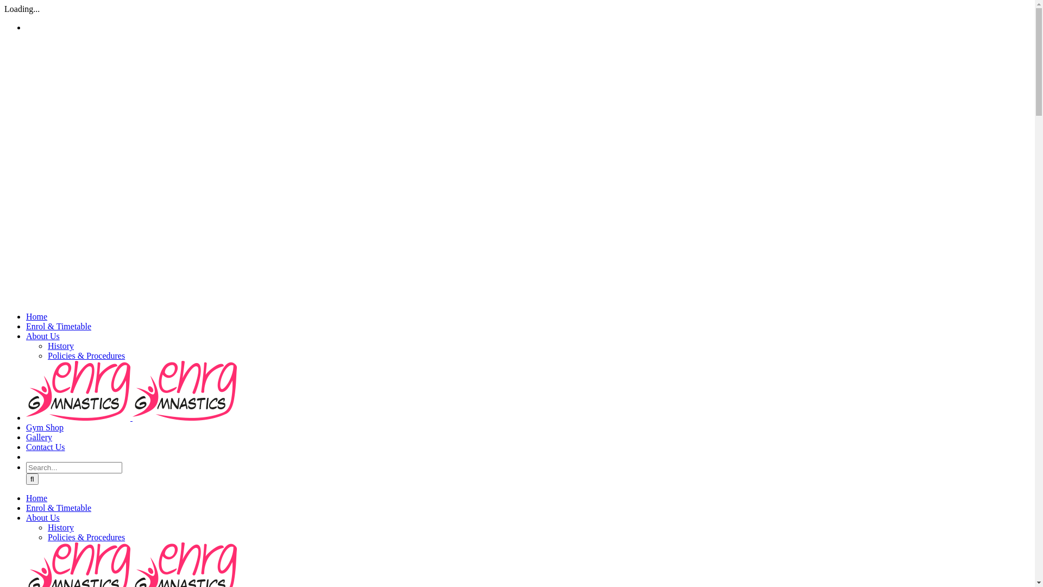 This screenshot has width=1043, height=587. Describe the element at coordinates (39, 436) in the screenshot. I see `'Gallery'` at that location.